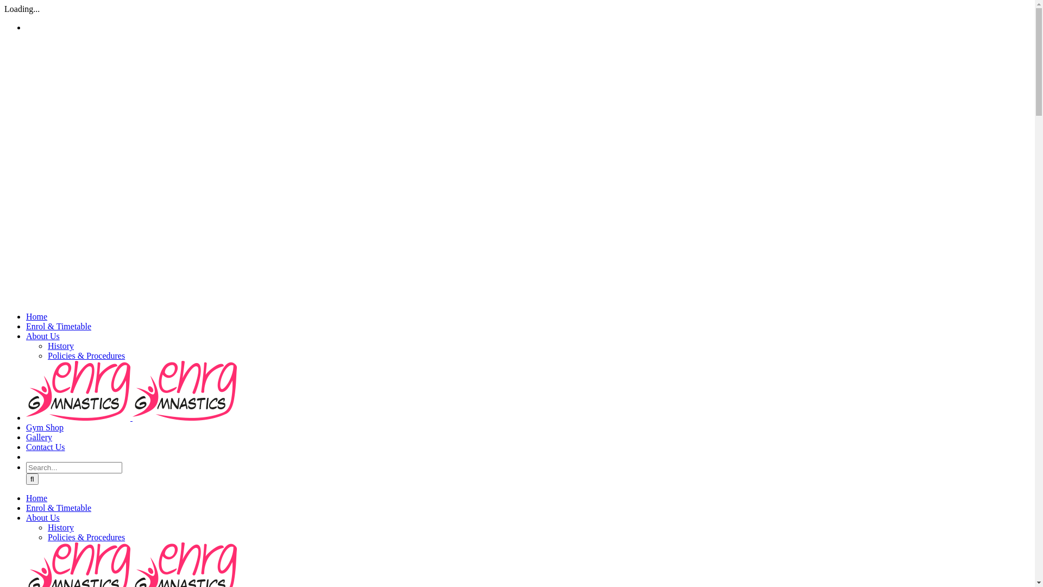 This screenshot has width=1043, height=587. Describe the element at coordinates (39, 436) in the screenshot. I see `'Gallery'` at that location.